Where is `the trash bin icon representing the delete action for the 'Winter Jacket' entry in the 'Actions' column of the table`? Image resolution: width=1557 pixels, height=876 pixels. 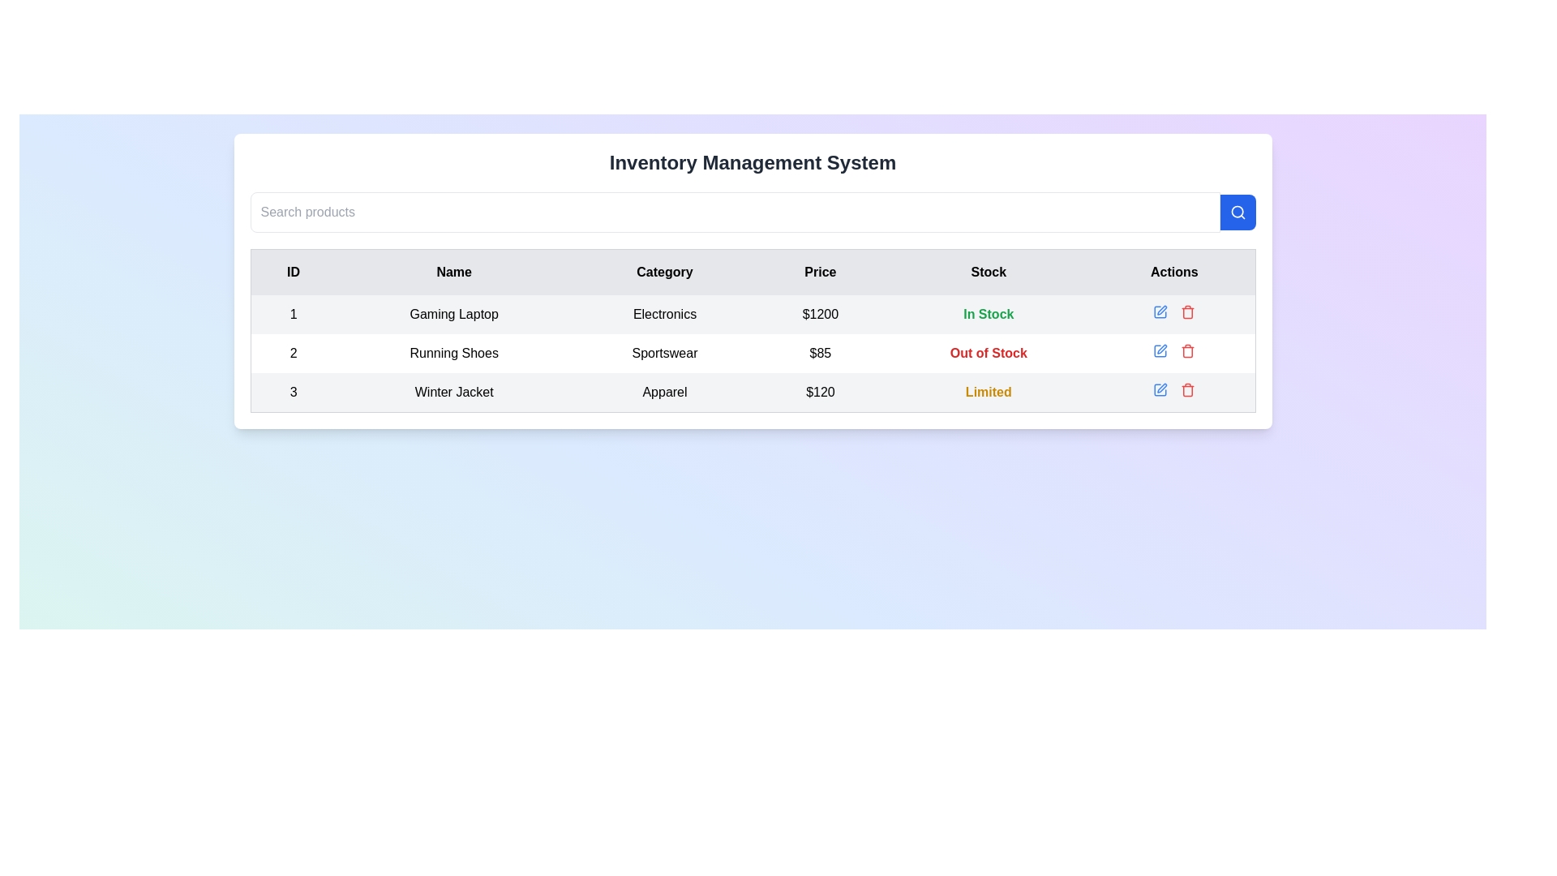
the trash bin icon representing the delete action for the 'Winter Jacket' entry in the 'Actions' column of the table is located at coordinates (1188, 313).